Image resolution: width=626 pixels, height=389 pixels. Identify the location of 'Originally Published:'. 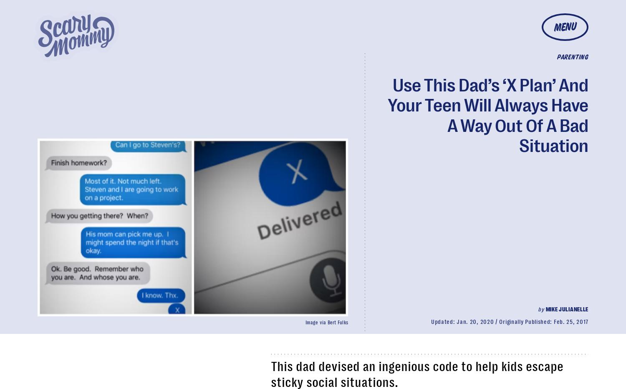
(526, 321).